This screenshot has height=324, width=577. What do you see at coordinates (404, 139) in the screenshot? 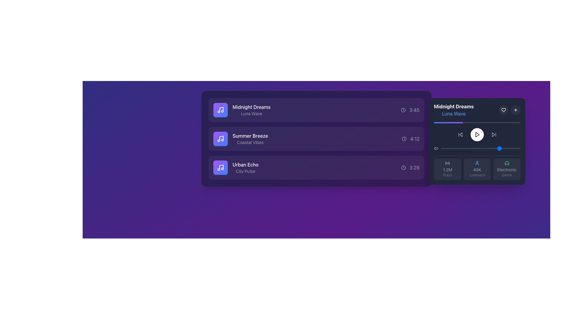
I see `the clock icon indicating the time for the track 'Summer Breeze' in the second row of the media list` at bounding box center [404, 139].